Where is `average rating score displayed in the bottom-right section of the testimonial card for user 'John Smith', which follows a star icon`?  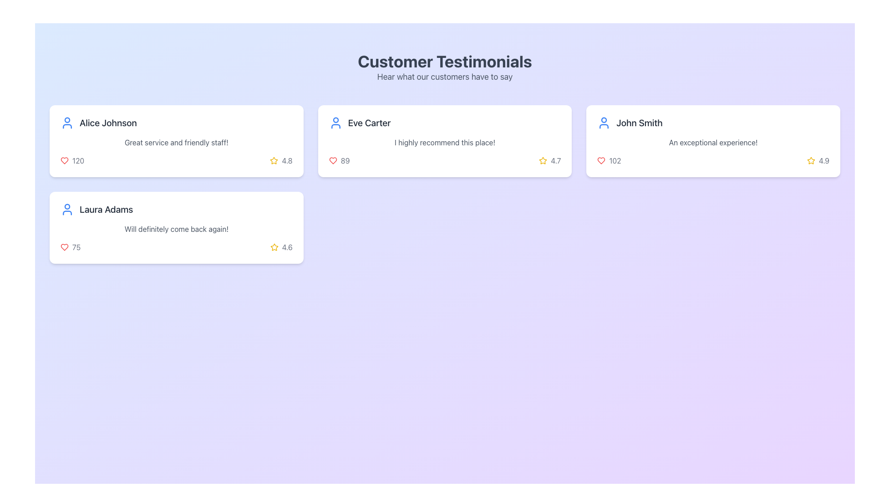
average rating score displayed in the bottom-right section of the testimonial card for user 'John Smith', which follows a star icon is located at coordinates (824, 160).